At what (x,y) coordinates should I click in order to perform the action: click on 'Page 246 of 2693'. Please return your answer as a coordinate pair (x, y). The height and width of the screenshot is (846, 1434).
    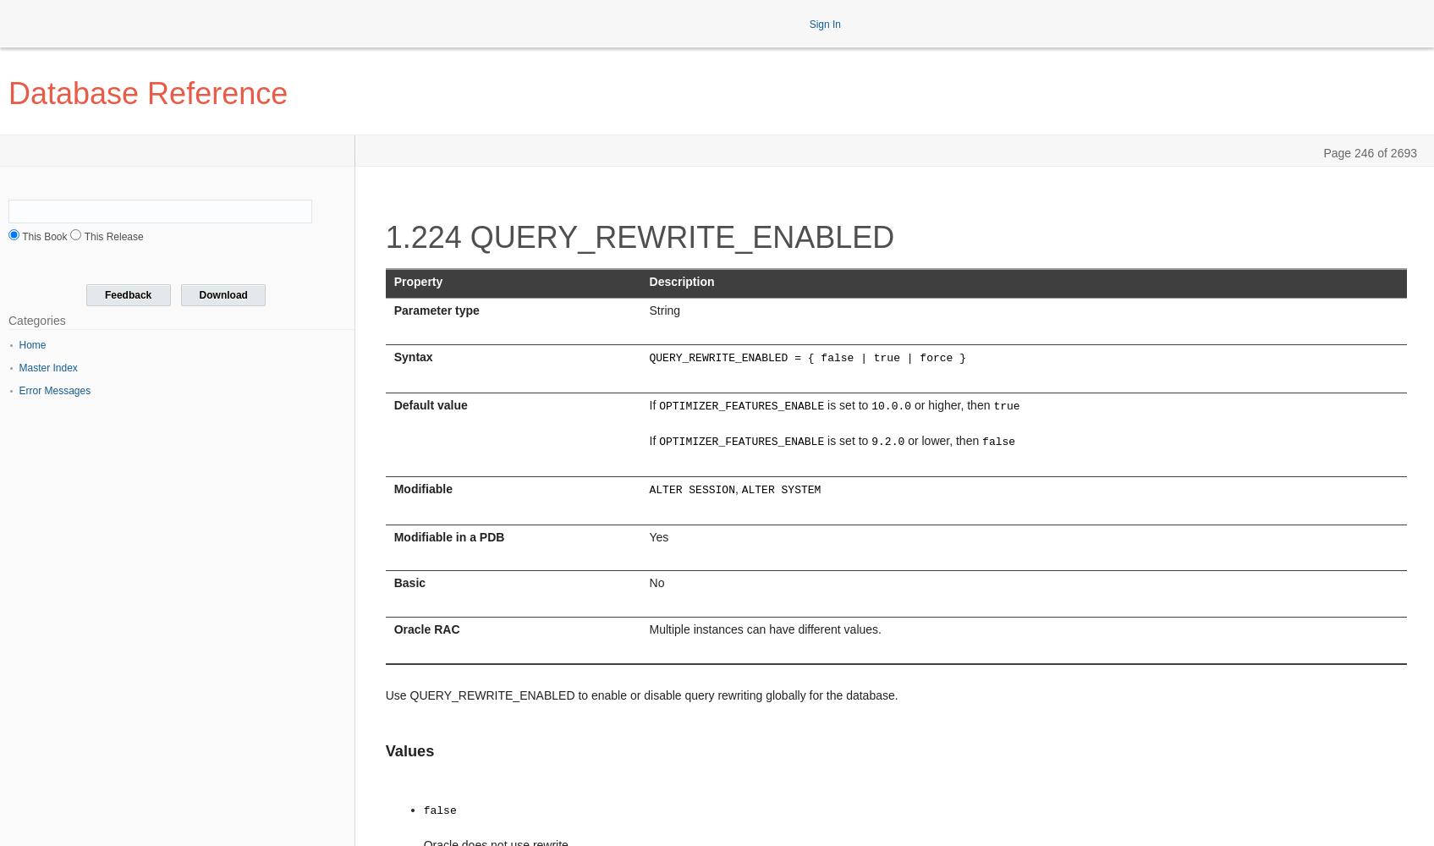
    Looking at the image, I should click on (1370, 153).